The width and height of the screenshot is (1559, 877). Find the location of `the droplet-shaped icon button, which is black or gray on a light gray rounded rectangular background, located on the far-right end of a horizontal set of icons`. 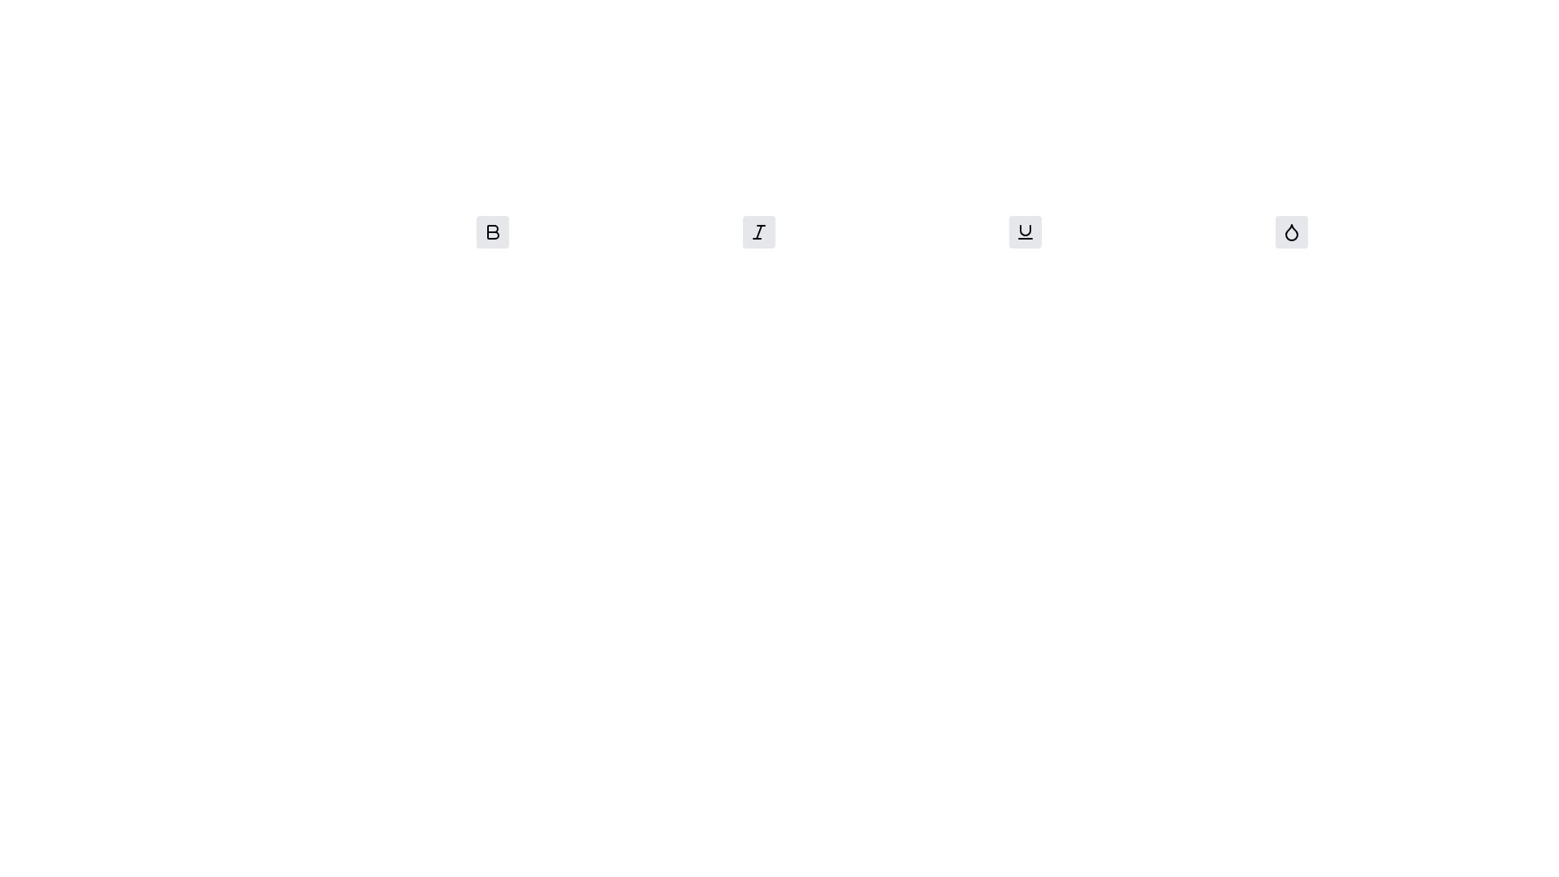

the droplet-shaped icon button, which is black or gray on a light gray rounded rectangular background, located on the far-right end of a horizontal set of icons is located at coordinates (1290, 231).